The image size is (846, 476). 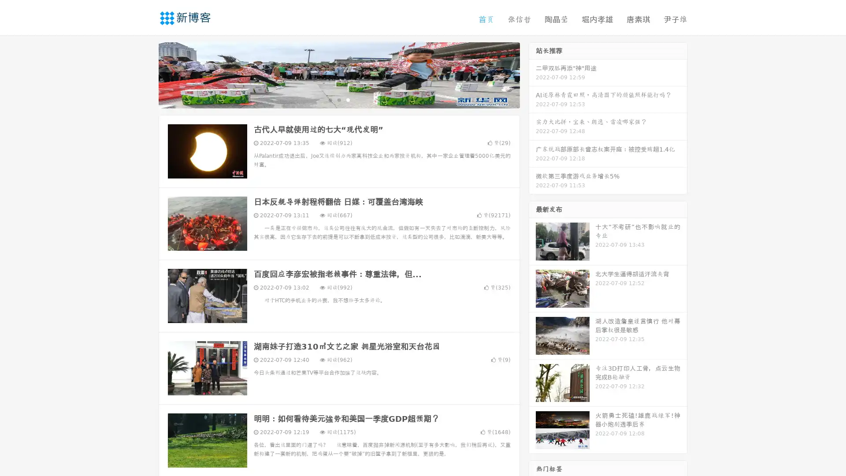 What do you see at coordinates (330, 99) in the screenshot?
I see `Go to slide 1` at bounding box center [330, 99].